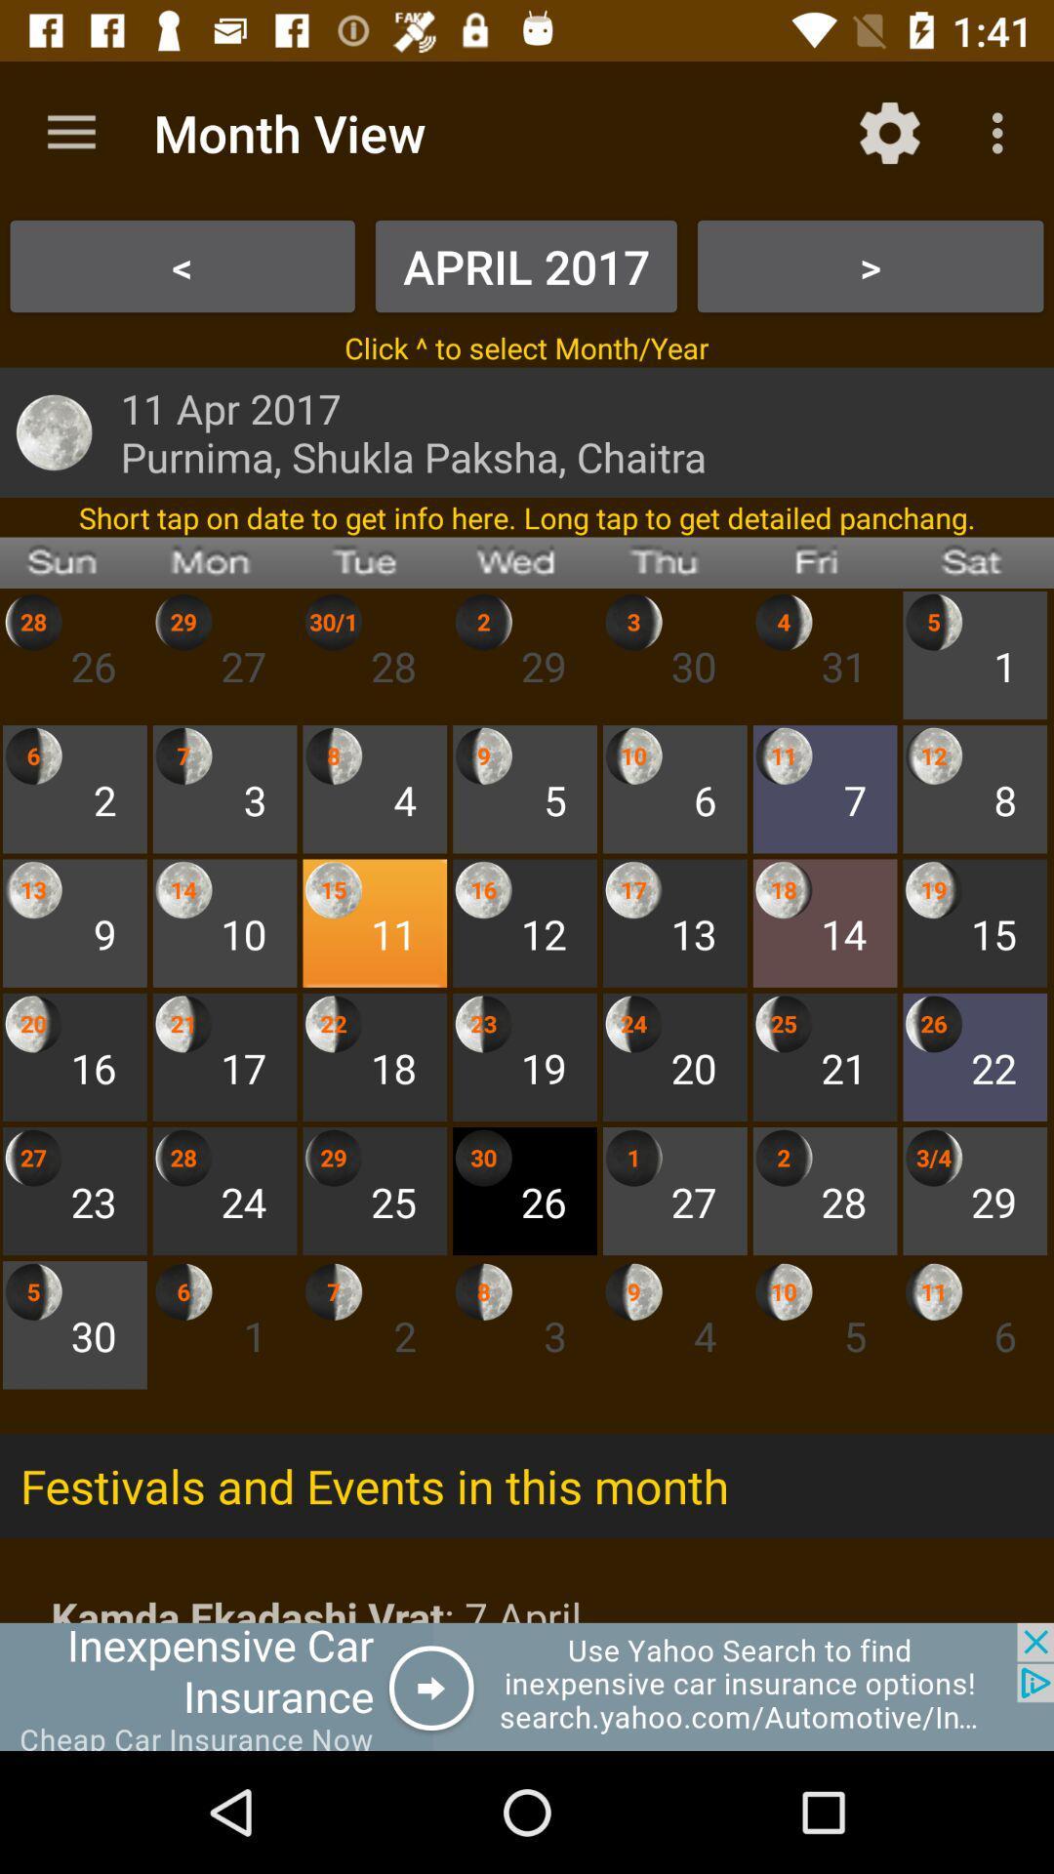 The image size is (1054, 1874). Describe the element at coordinates (527, 1686) in the screenshot. I see `advertisement` at that location.